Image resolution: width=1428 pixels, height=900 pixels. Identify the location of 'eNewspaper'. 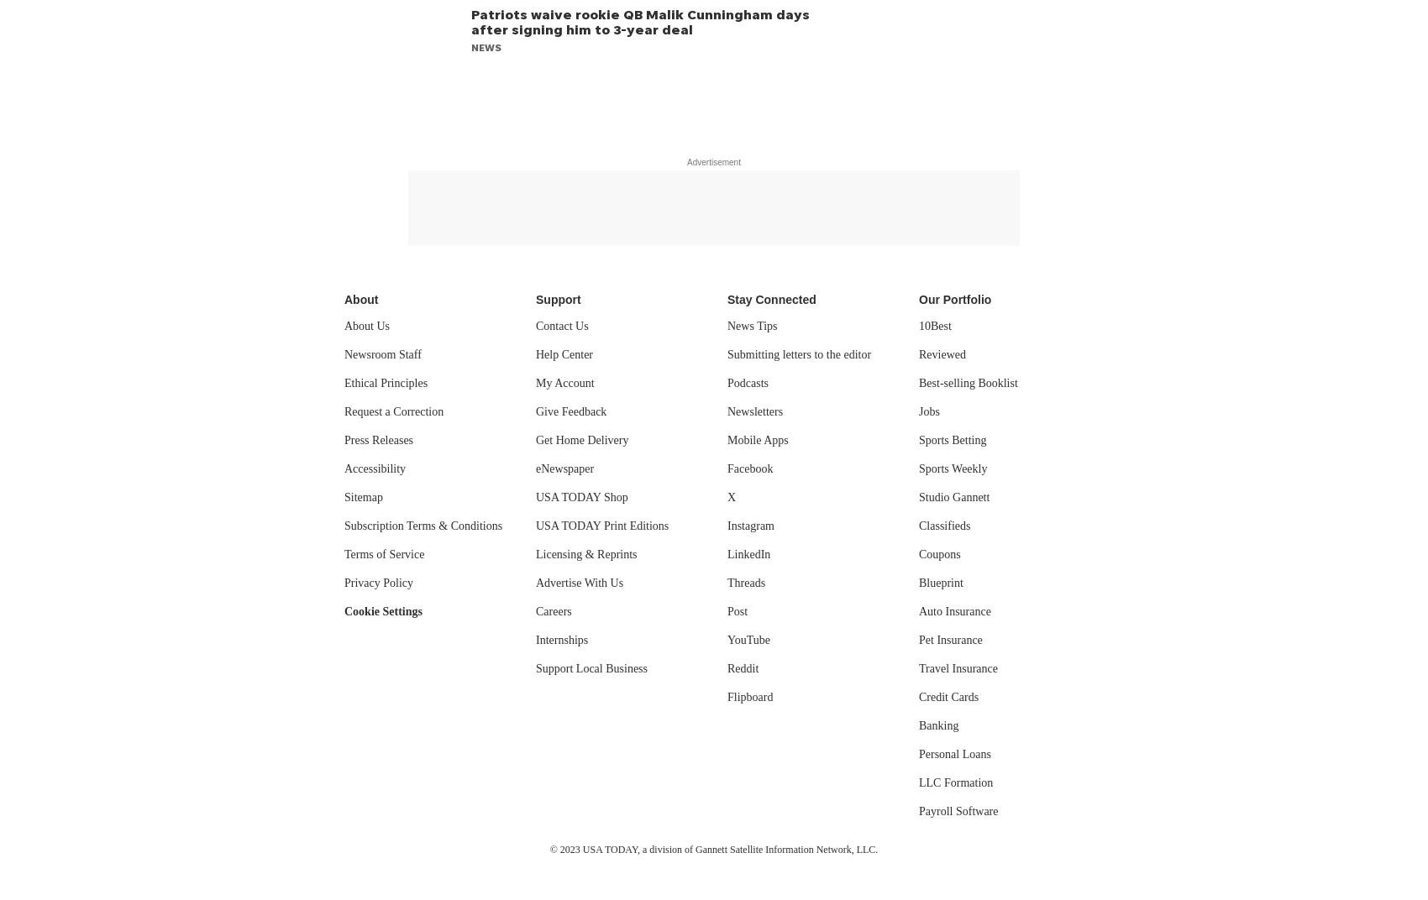
(536, 468).